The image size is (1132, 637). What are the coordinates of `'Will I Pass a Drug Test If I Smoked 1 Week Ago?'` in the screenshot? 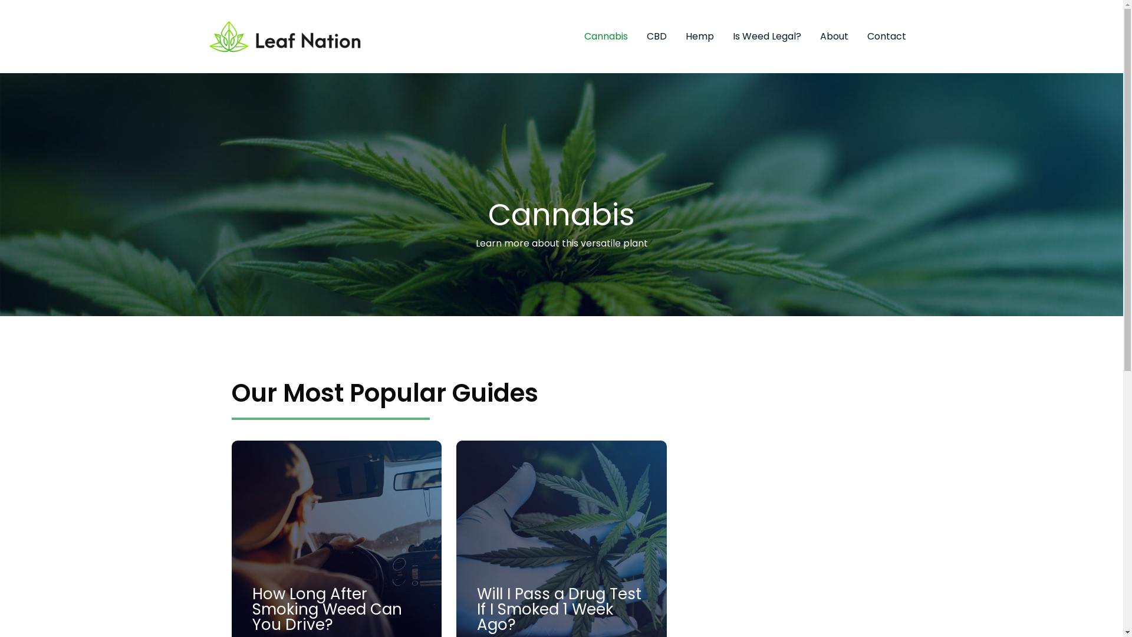 It's located at (558, 609).